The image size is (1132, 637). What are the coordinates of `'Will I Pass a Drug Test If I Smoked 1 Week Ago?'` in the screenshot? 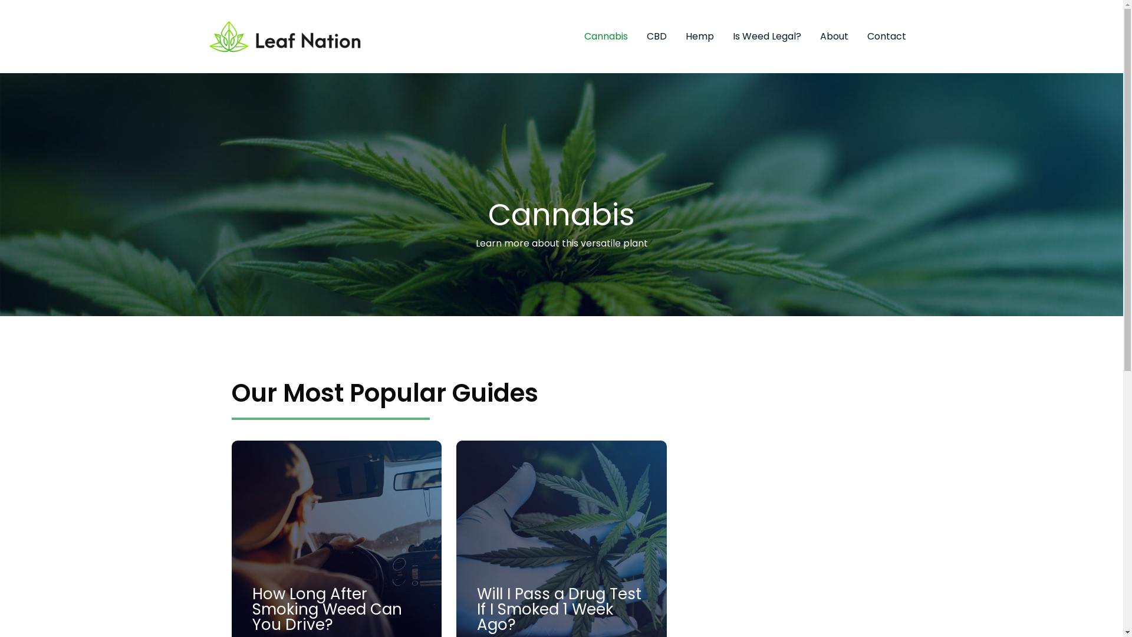 It's located at (558, 609).